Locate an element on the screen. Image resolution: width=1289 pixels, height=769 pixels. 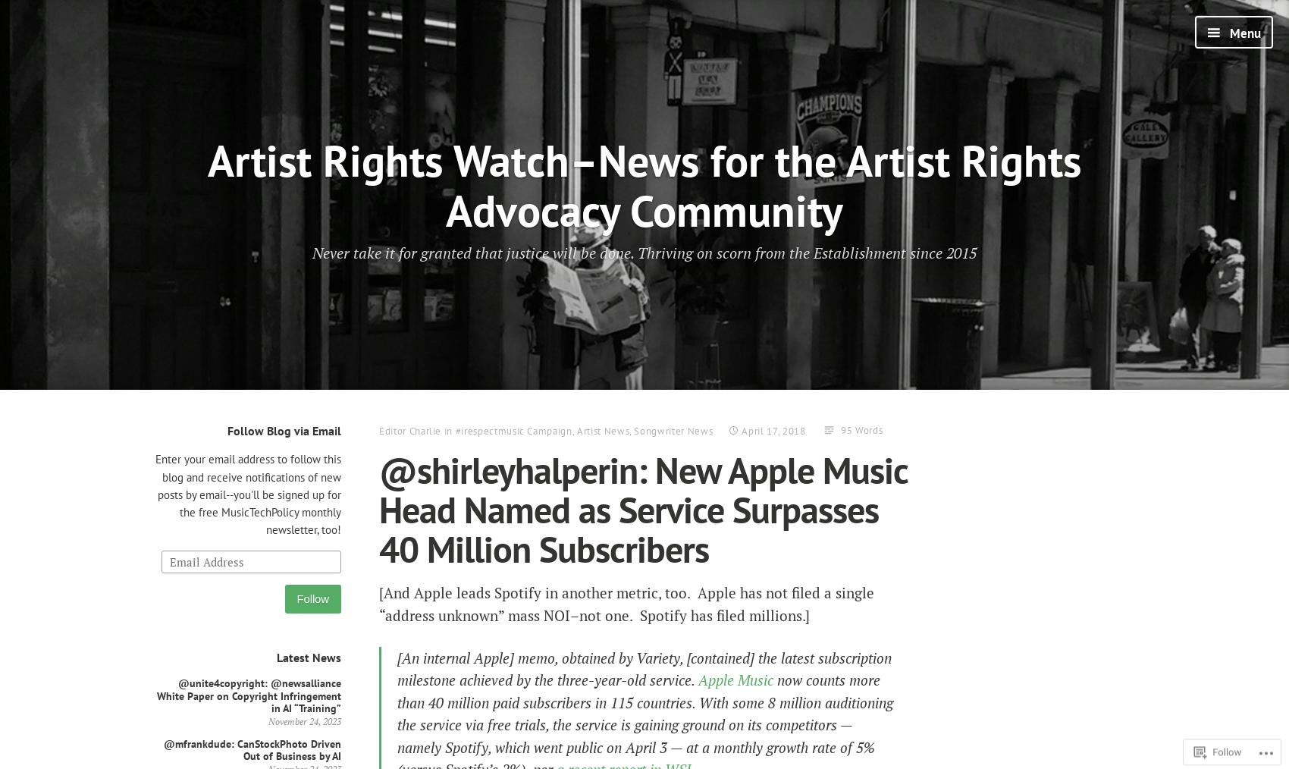
'Artist Rights Watch–News for the Artist Rights Advocacy Community' is located at coordinates (208, 184).